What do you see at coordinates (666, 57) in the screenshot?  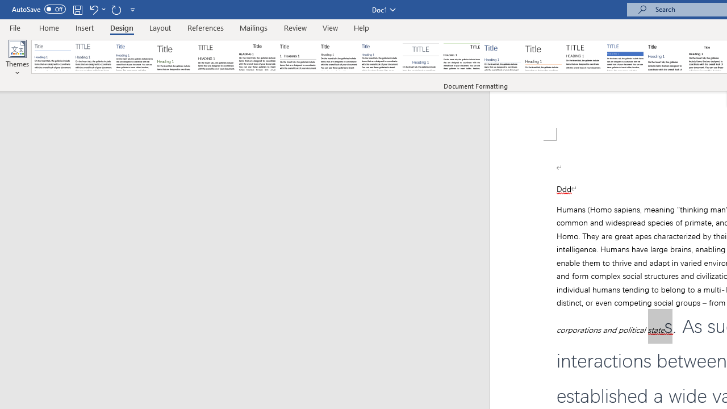 I see `'Word'` at bounding box center [666, 57].